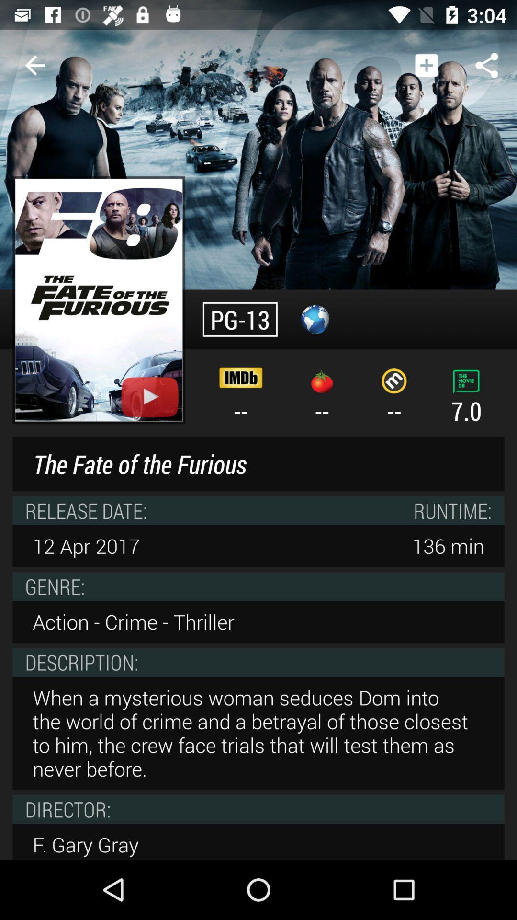  I want to click on icon to the left of the   app, so click(34, 65).